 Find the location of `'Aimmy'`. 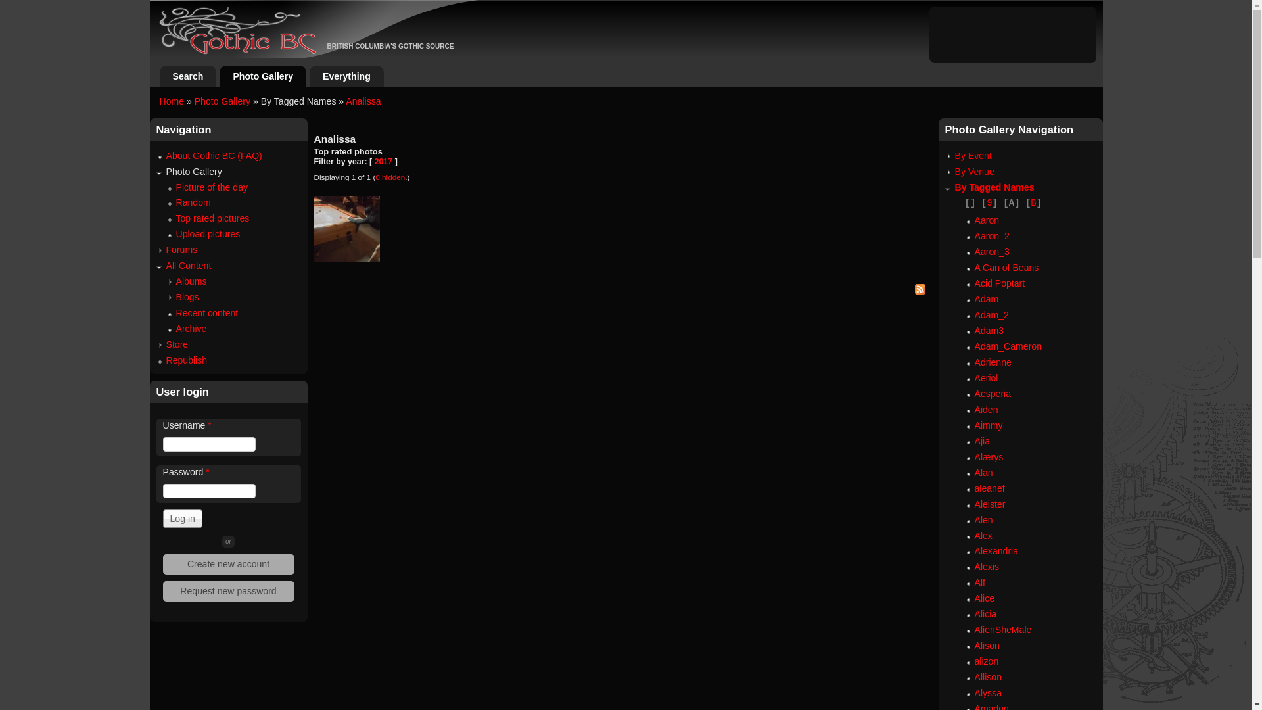

'Aimmy' is located at coordinates (974, 425).